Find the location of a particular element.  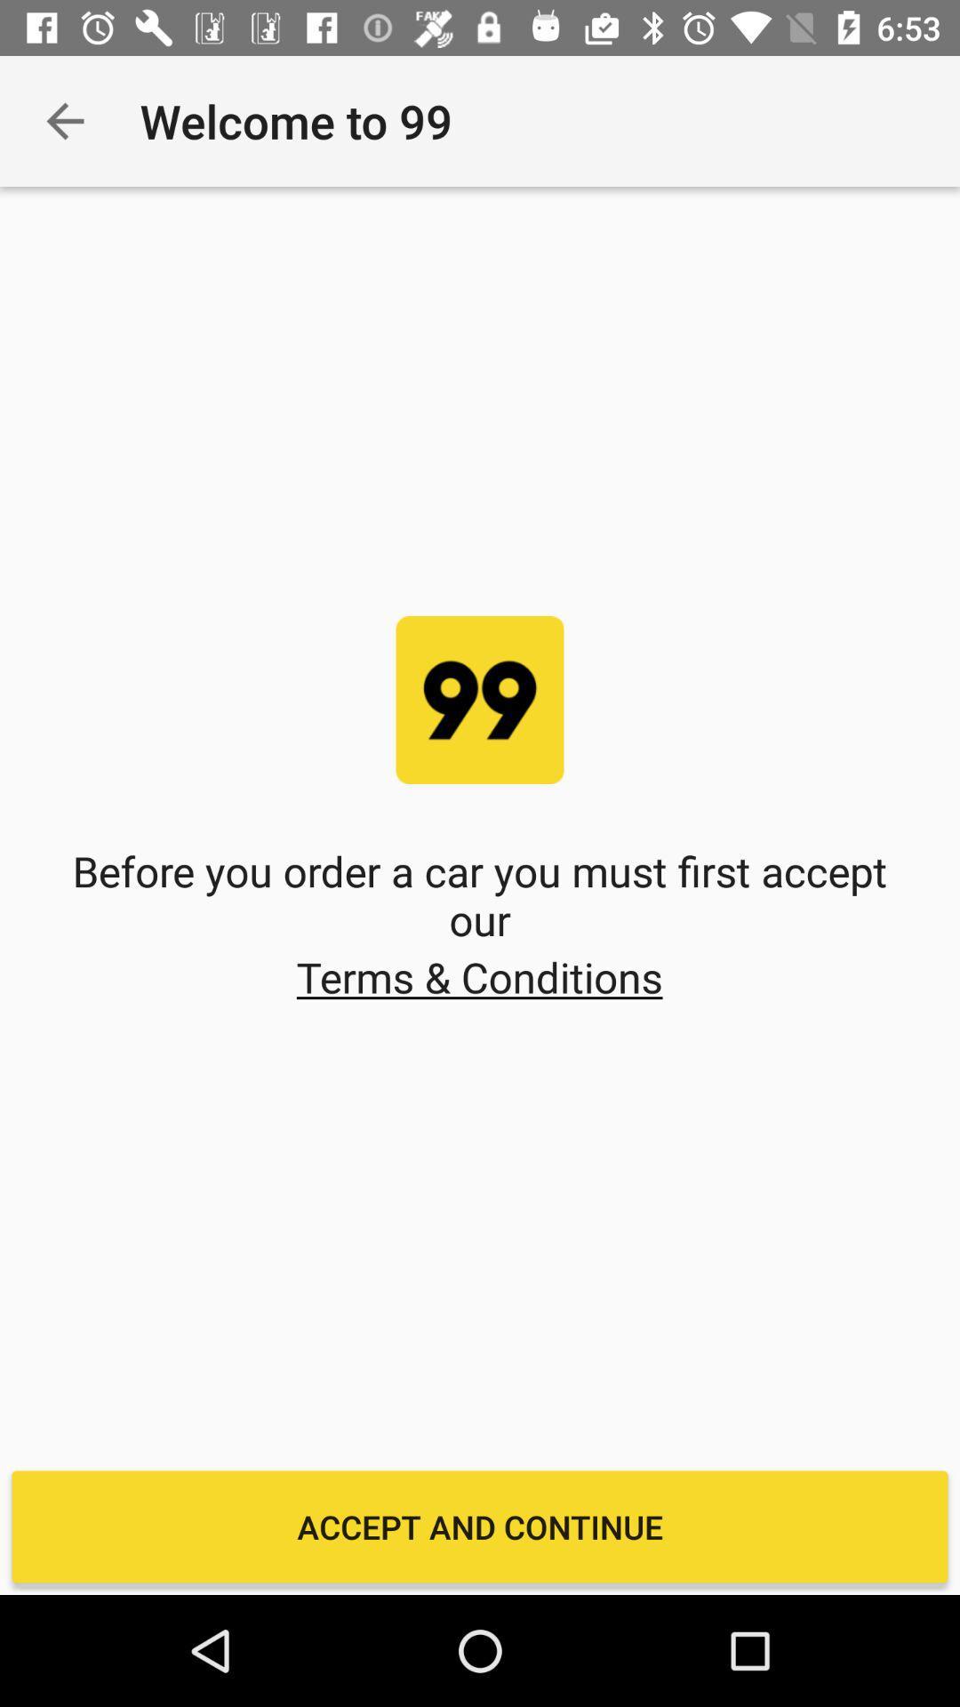

app next to the welcome to 99 item is located at coordinates (64, 120).